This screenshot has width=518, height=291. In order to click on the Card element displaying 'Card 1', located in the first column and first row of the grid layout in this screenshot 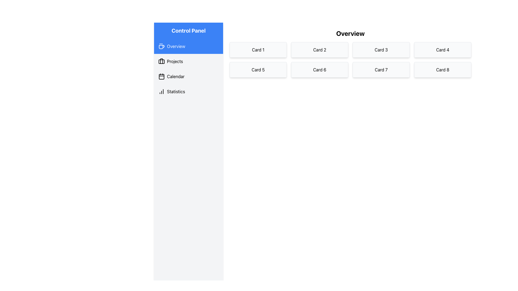, I will do `click(258, 50)`.